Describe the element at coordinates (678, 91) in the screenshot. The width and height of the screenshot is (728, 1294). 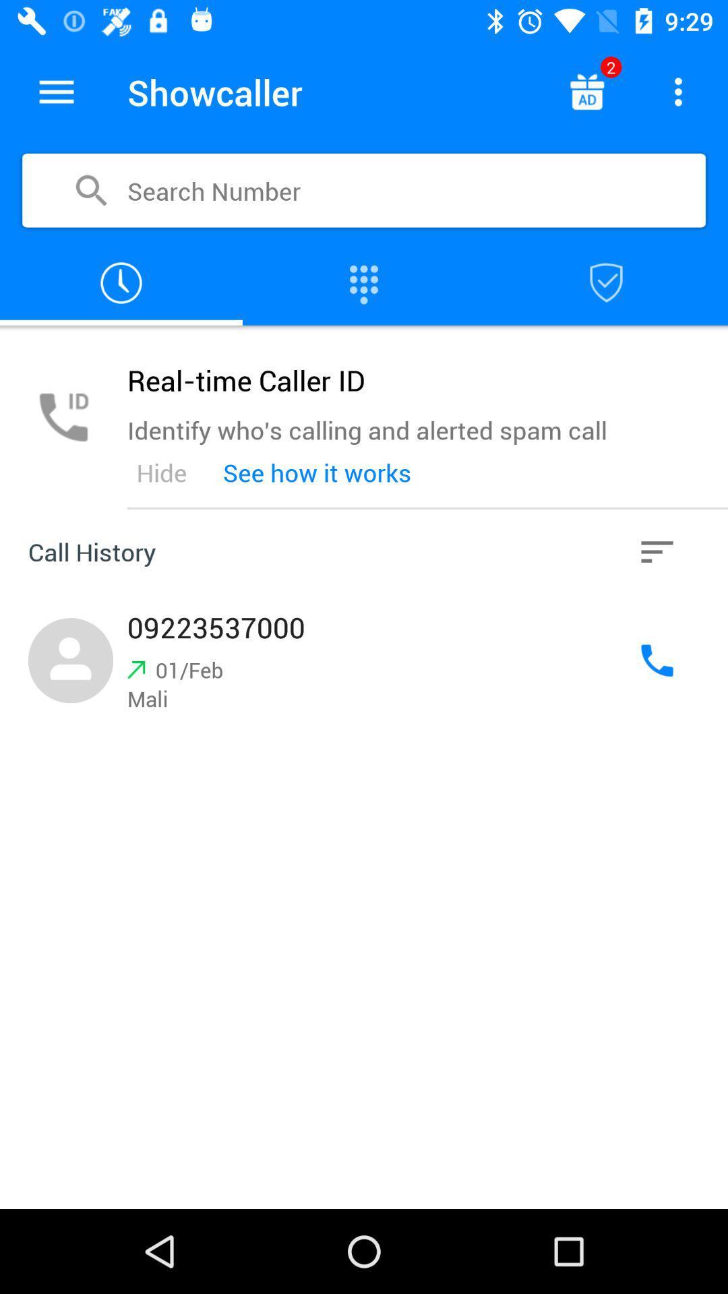
I see `show settings or changes` at that location.